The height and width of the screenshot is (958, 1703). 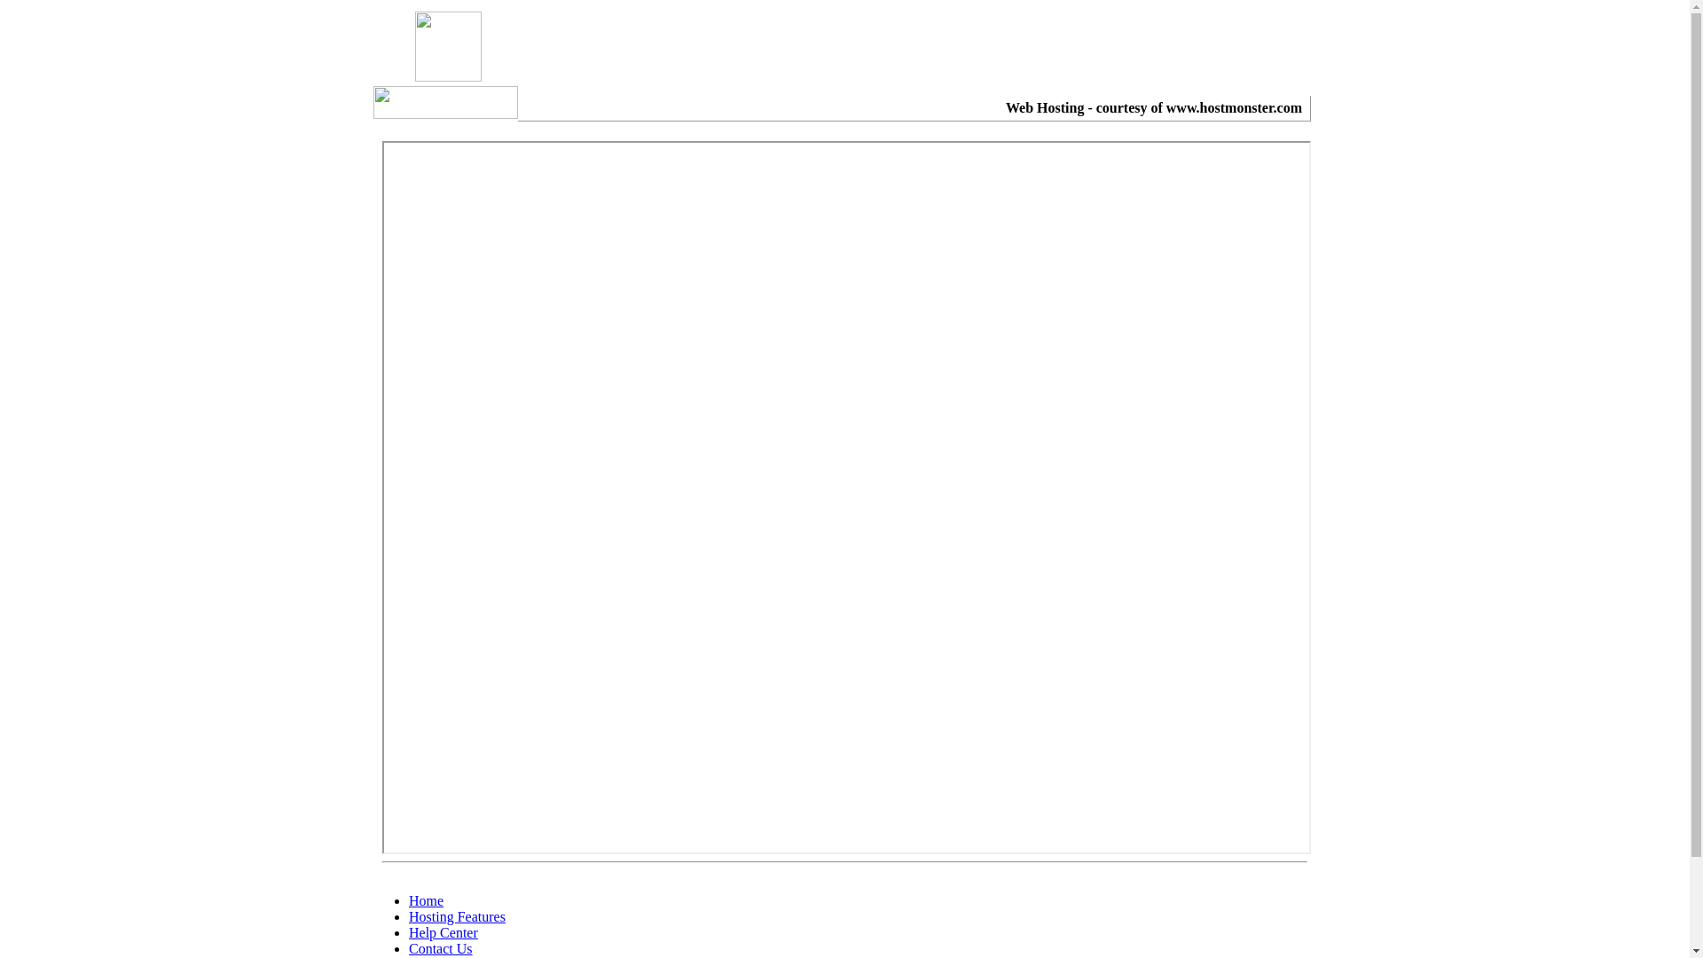 I want to click on 'Contact Us', so click(x=407, y=947).